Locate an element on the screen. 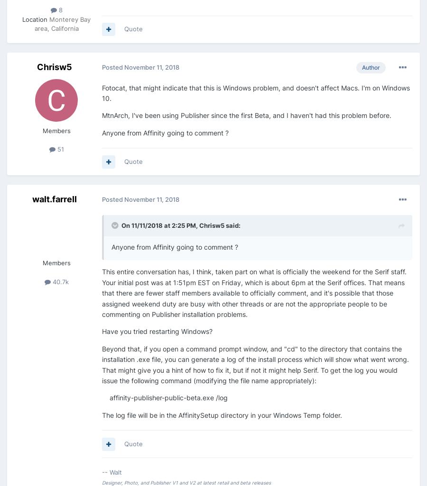  'yone from Affinity going to comment ?' is located at coordinates (179, 247).